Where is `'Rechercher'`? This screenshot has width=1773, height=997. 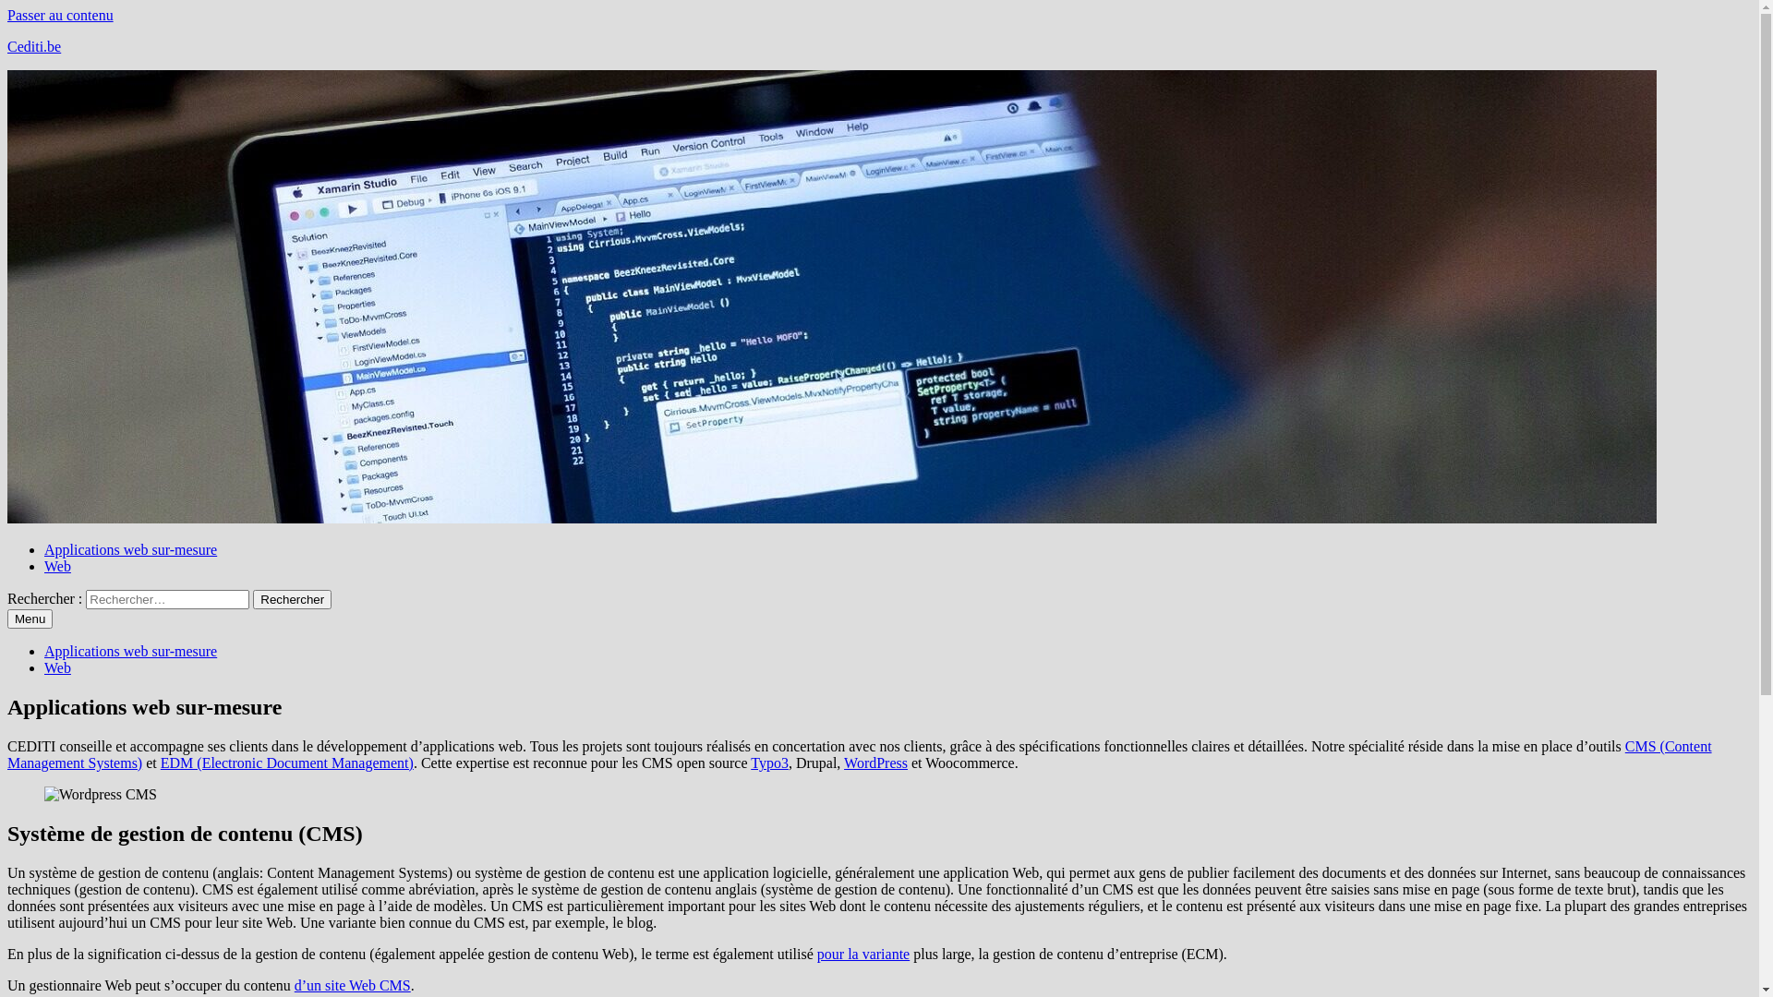
'Rechercher' is located at coordinates (291, 599).